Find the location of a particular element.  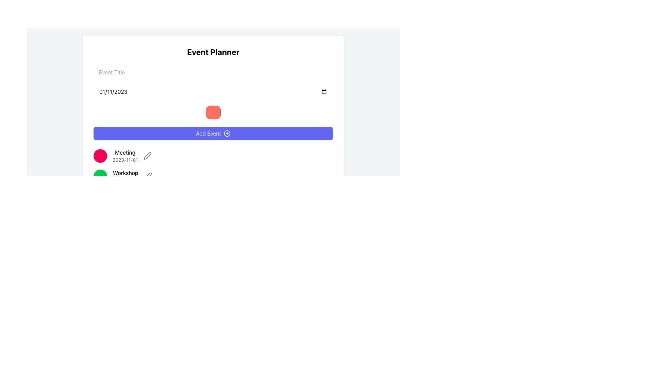

the text label displaying 'Workshop', which is the second event item in a vertical list, positioned below the 'Meeting' label and next to a green circular indicator is located at coordinates (125, 176).